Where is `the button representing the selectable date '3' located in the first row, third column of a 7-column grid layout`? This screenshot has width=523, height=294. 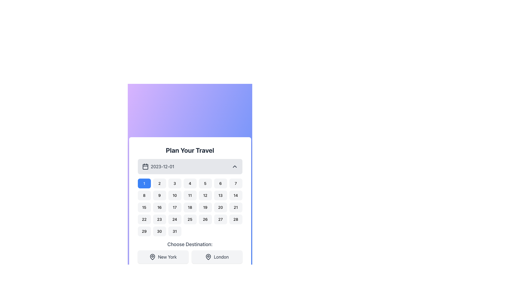 the button representing the selectable date '3' located in the first row, third column of a 7-column grid layout is located at coordinates (175, 183).